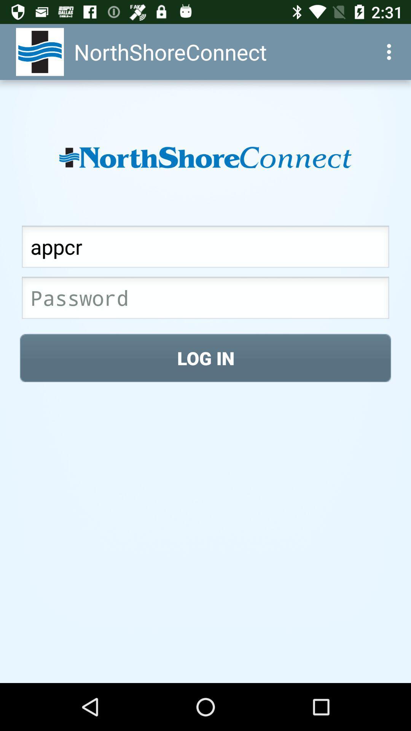 The width and height of the screenshot is (411, 731). I want to click on the appcr, so click(205, 249).